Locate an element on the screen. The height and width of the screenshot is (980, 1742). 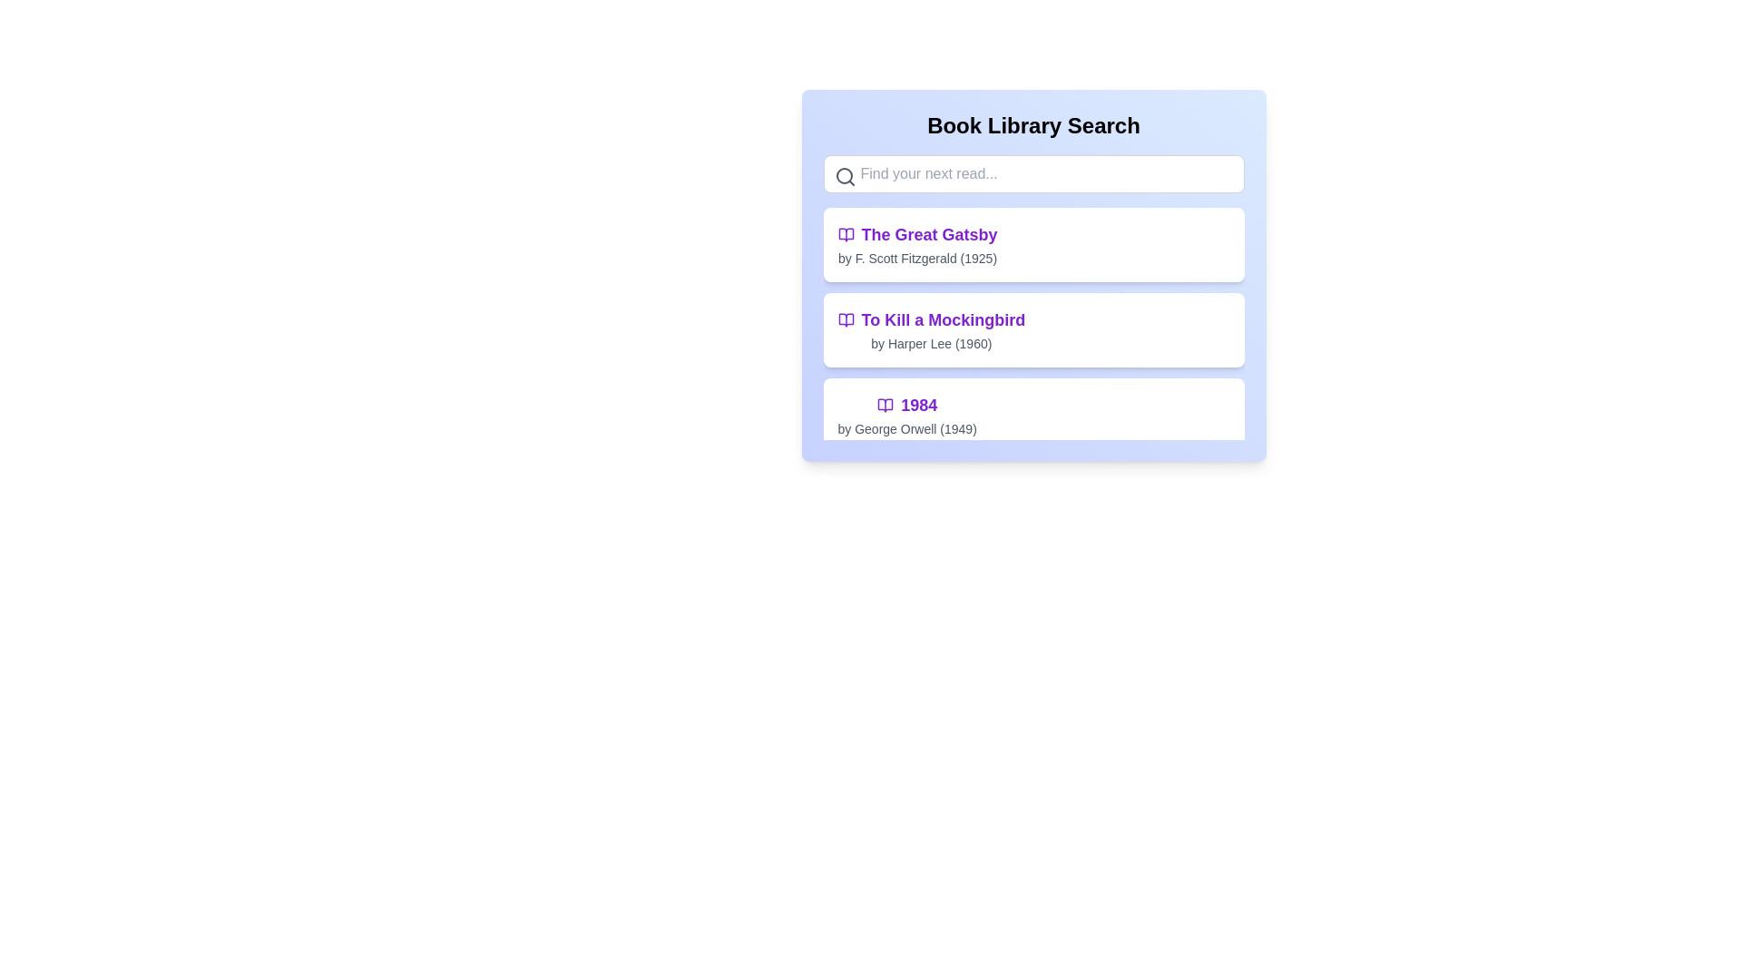
the icon representing the book '1984' by George Orwell, which is located in the lower section of the list as the third item from the top, adjacent to the title text on its left is located at coordinates (886, 405).